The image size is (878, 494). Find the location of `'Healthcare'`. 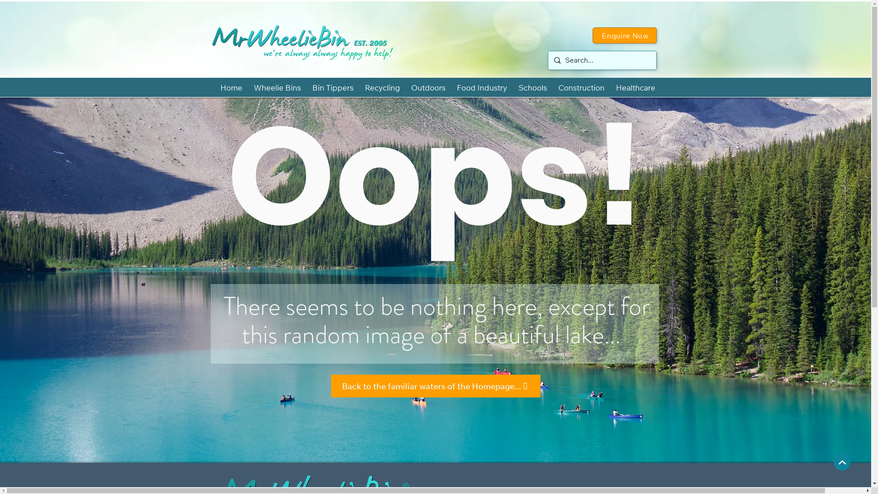

'Healthcare' is located at coordinates (635, 87).